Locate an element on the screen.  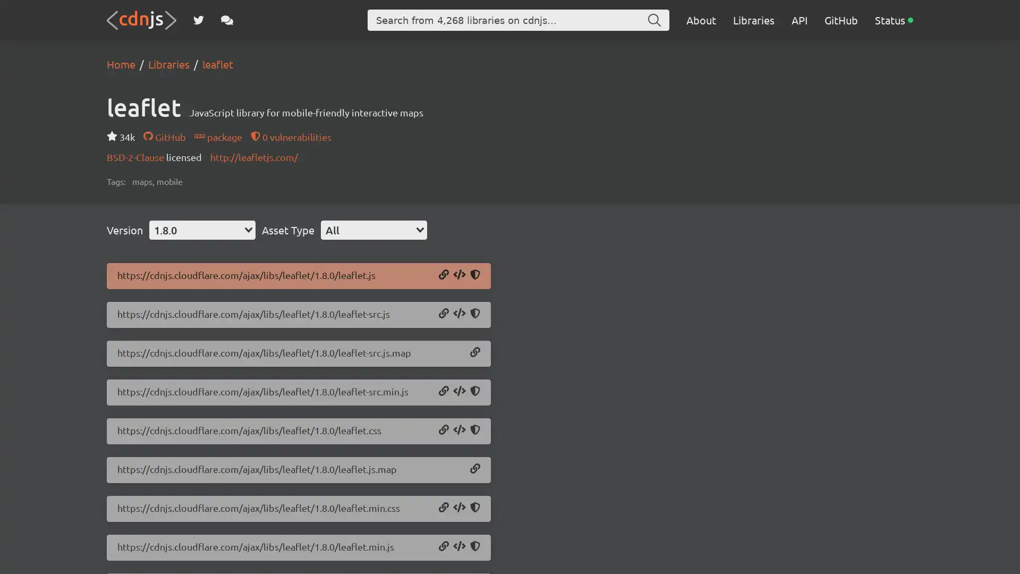
Copy Link Tag is located at coordinates (459, 508).